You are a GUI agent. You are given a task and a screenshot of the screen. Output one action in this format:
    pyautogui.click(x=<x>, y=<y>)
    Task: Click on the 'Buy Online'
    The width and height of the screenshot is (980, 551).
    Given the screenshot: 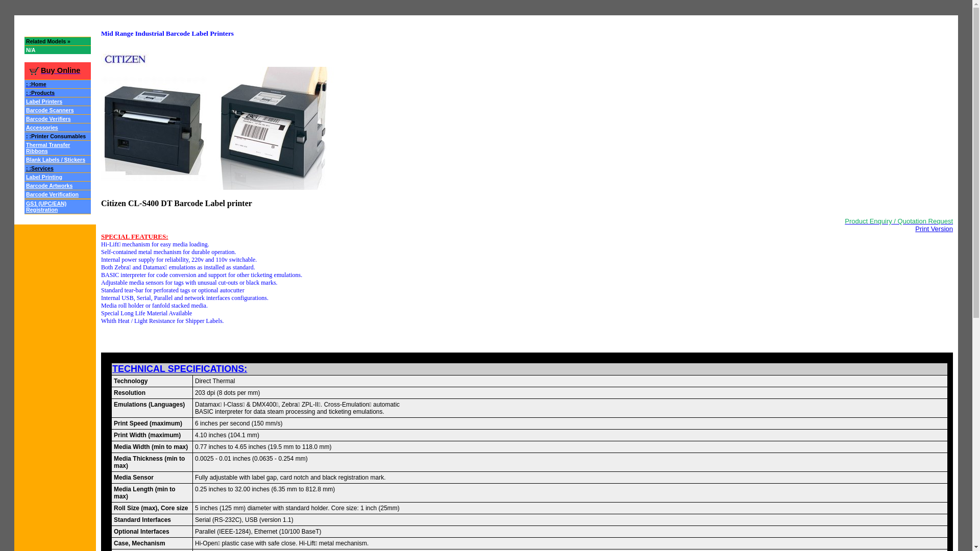 What is the action you would take?
    pyautogui.click(x=53, y=69)
    